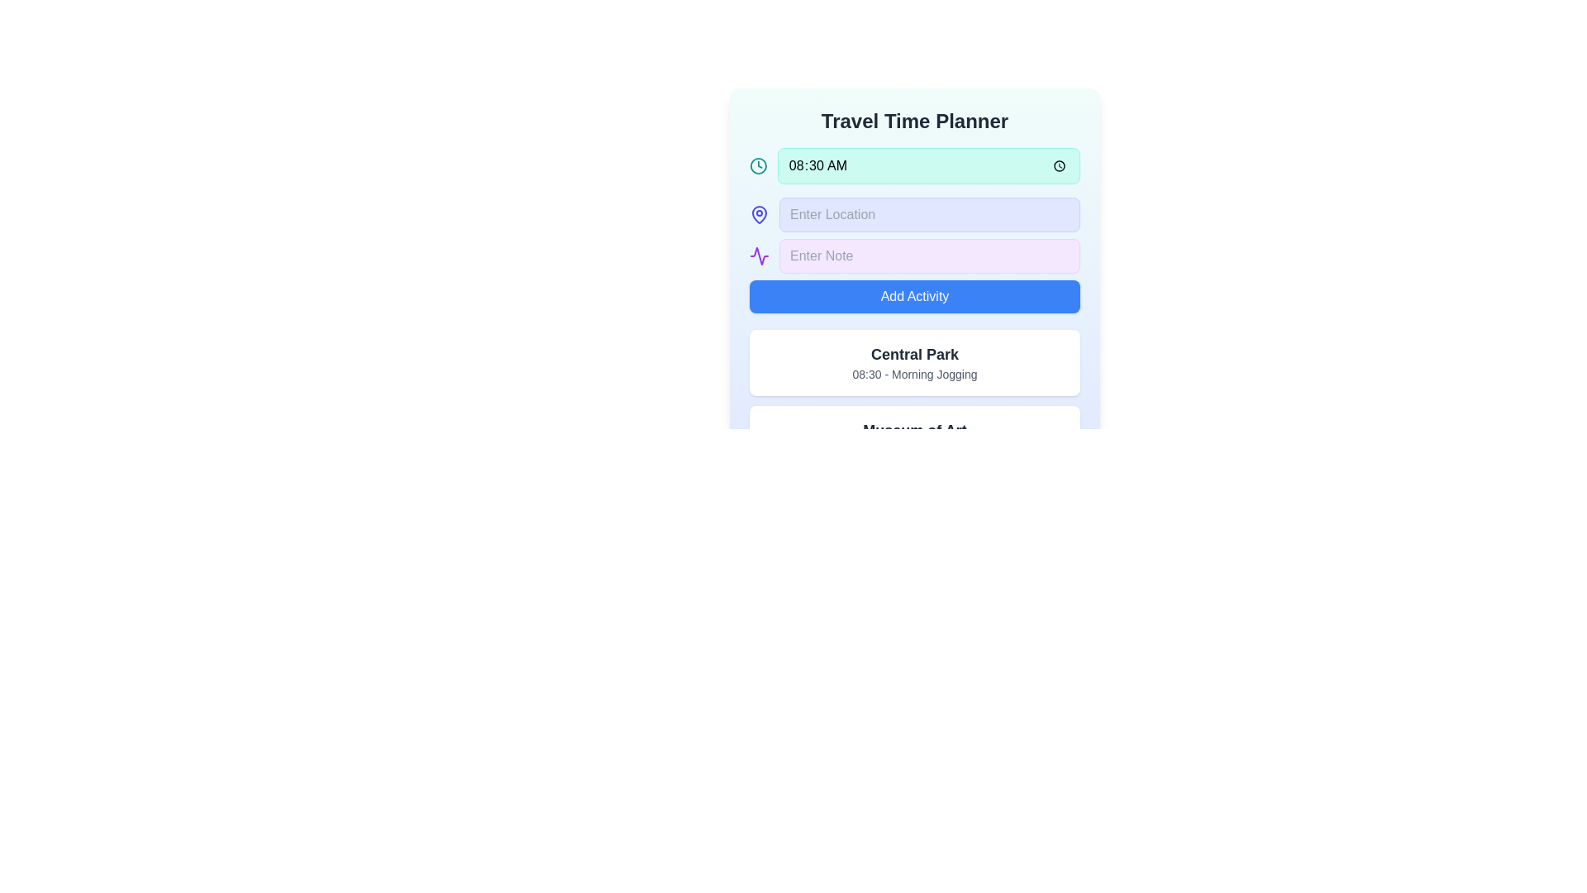 This screenshot has height=893, width=1587. What do you see at coordinates (914, 429) in the screenshot?
I see `the title text element displaying 'Museum of Art'` at bounding box center [914, 429].